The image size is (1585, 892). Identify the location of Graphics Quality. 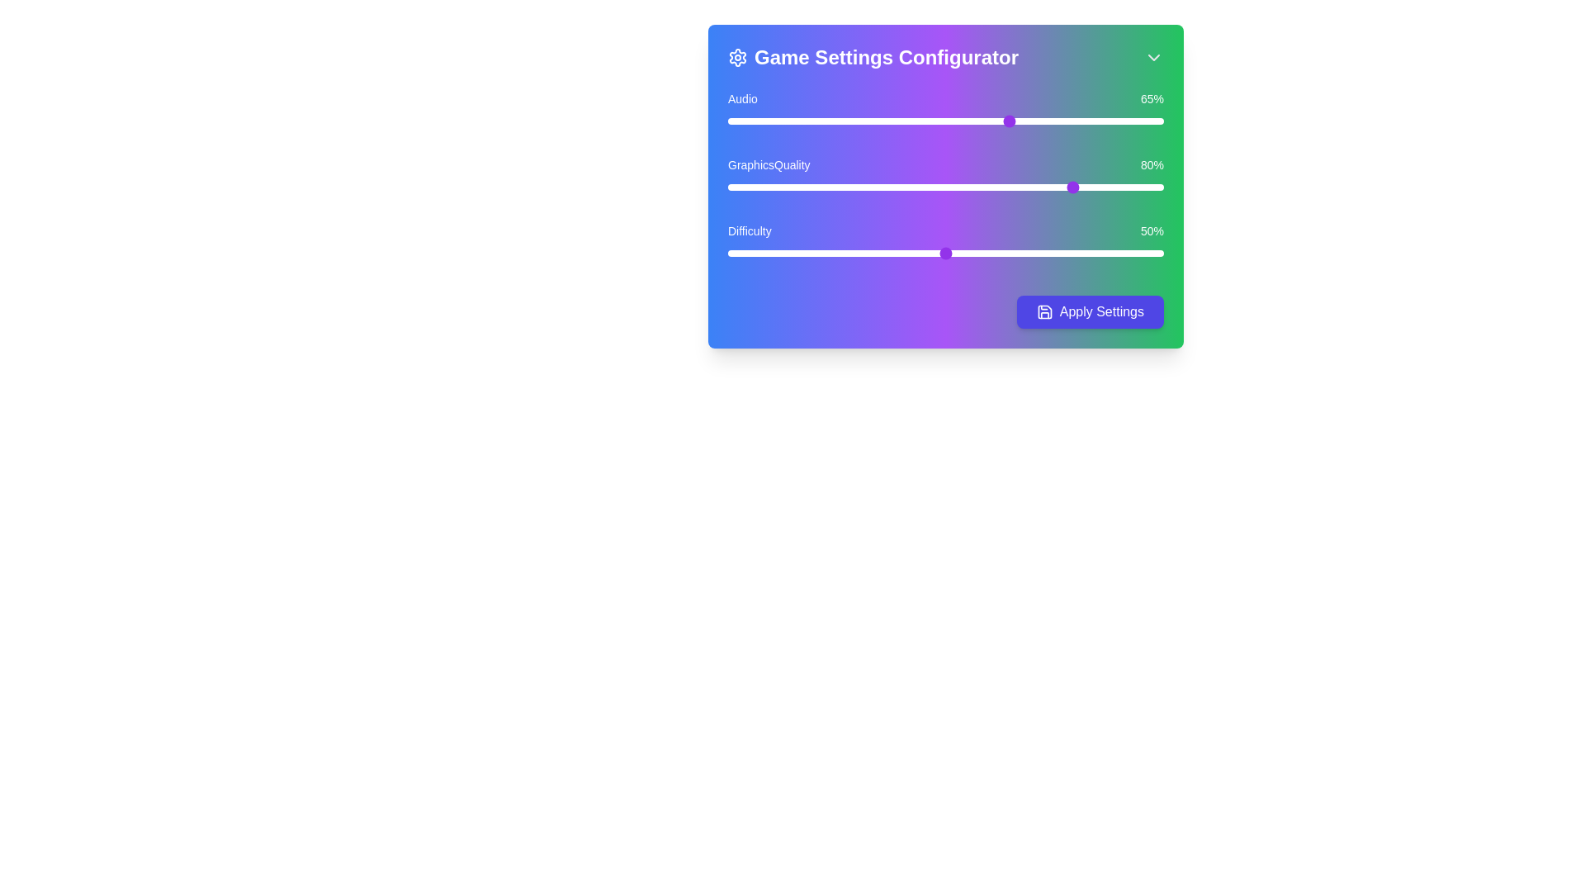
(807, 187).